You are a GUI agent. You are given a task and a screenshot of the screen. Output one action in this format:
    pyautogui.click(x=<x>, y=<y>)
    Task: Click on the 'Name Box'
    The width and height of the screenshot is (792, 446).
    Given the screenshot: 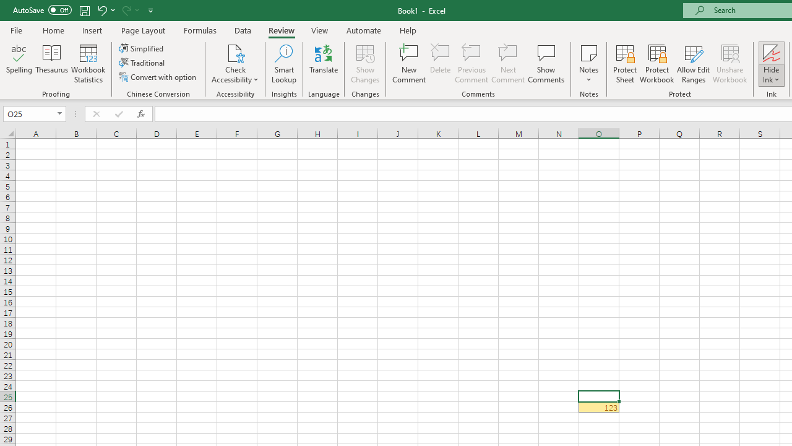 What is the action you would take?
    pyautogui.click(x=29, y=113)
    